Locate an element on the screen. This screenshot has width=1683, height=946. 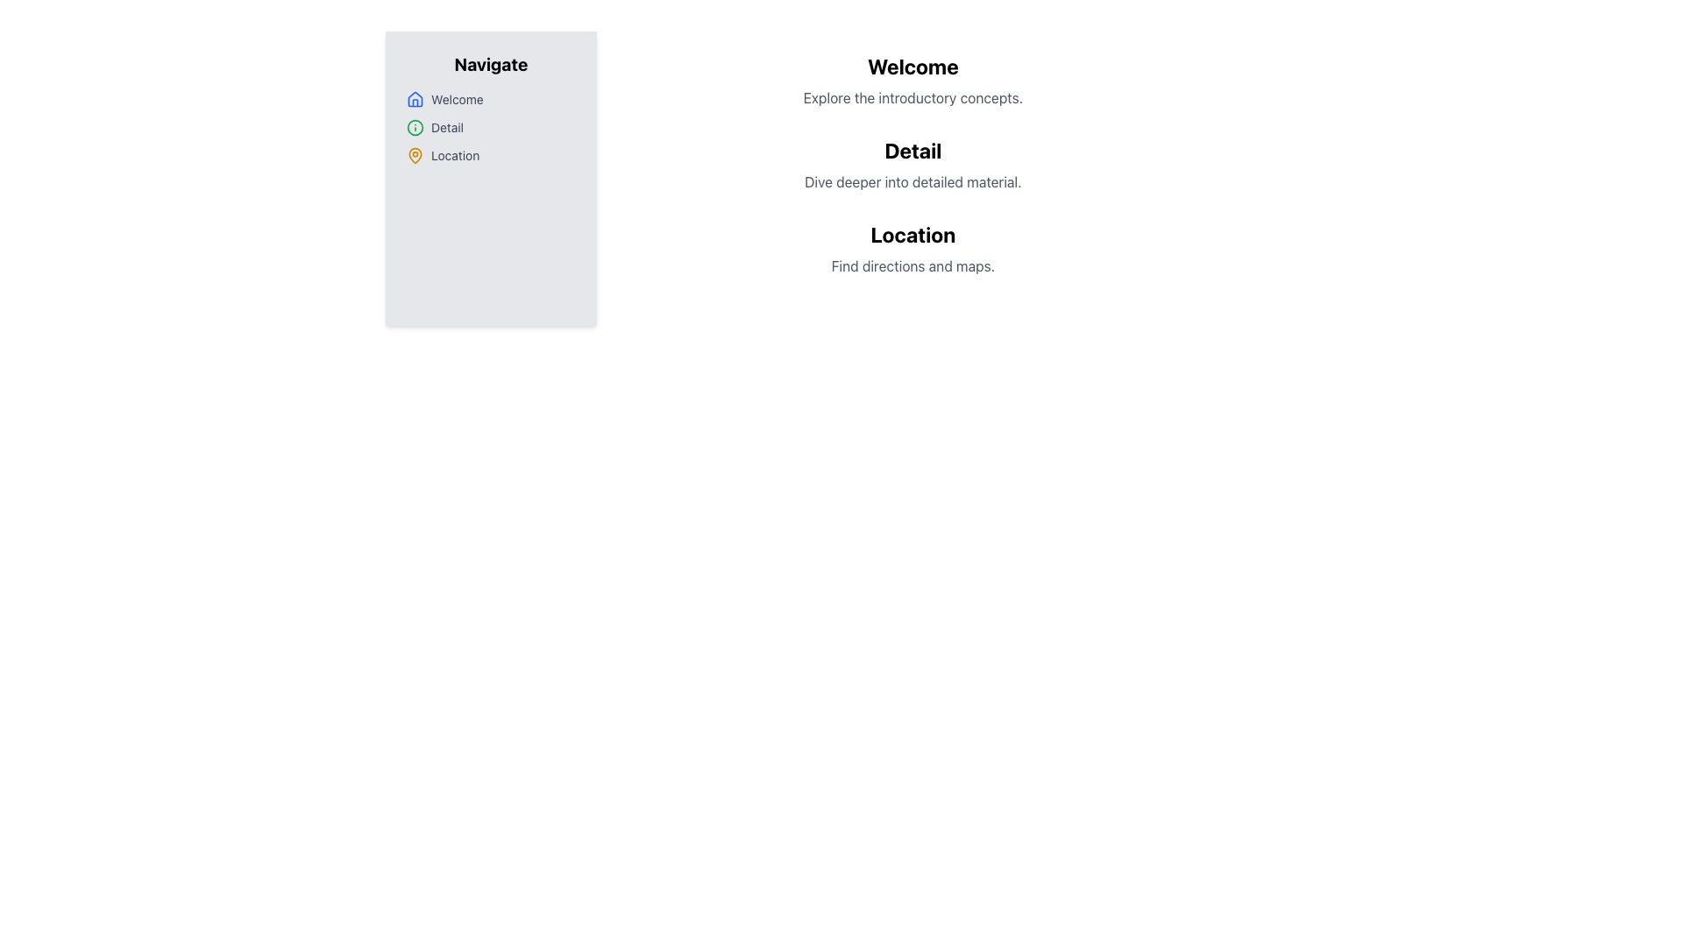
the Text Label displaying 'Detail' in bold, large font, which is centrally positioned on the page, above the description text and below the 'Welcome' section is located at coordinates (912, 150).